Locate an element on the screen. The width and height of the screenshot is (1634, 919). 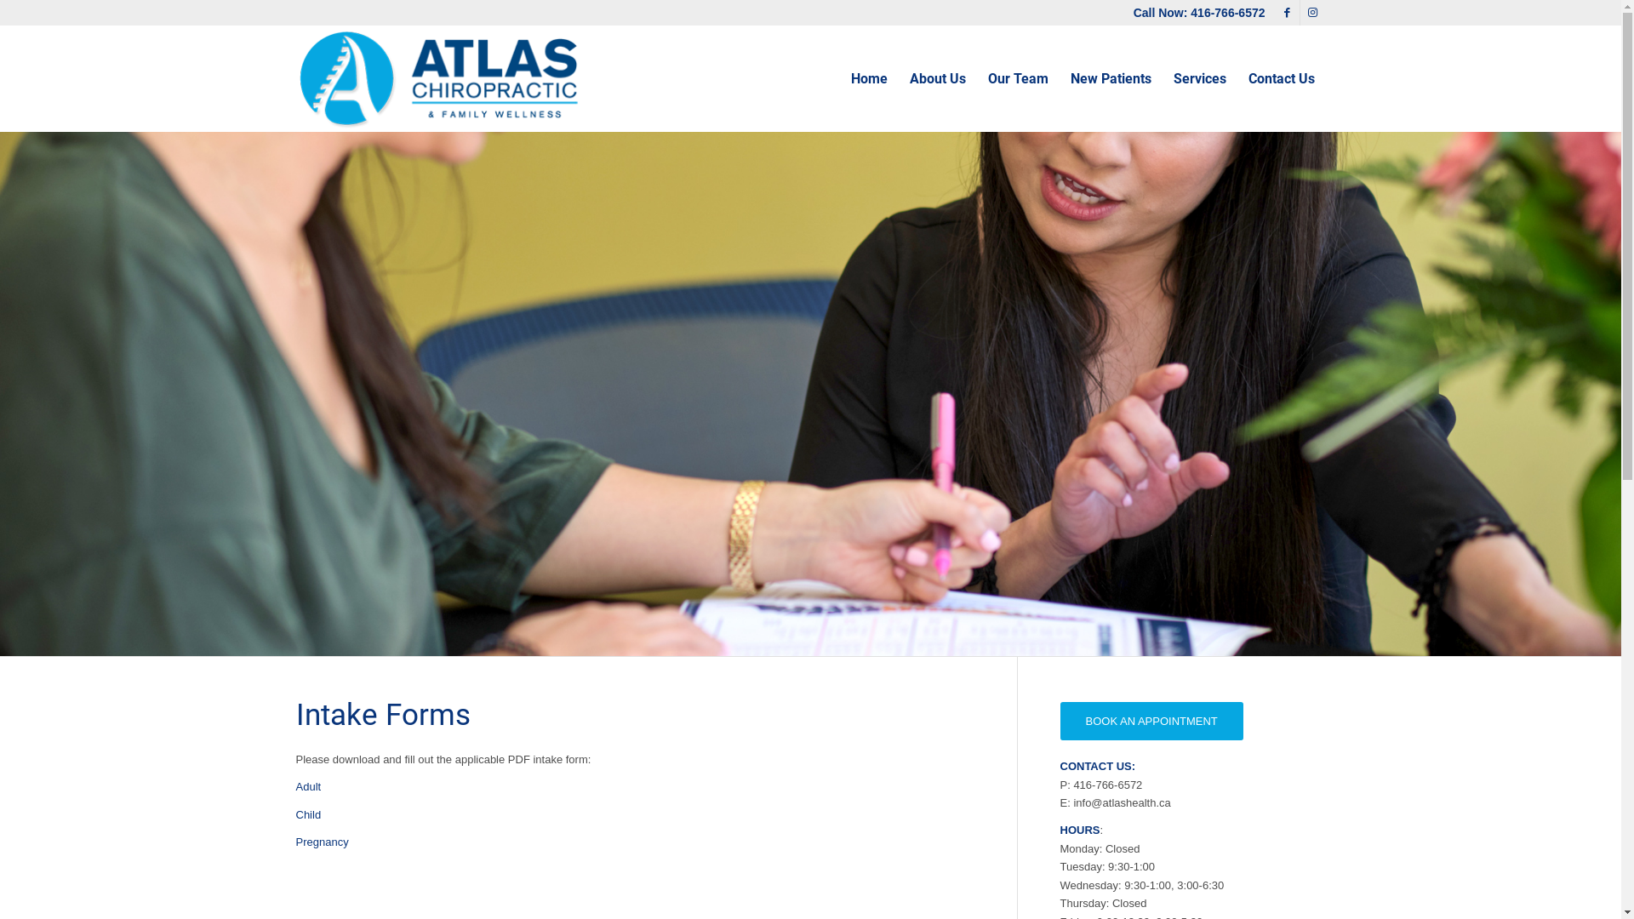
'BOOK AN APPOINTMENT' is located at coordinates (1151, 721).